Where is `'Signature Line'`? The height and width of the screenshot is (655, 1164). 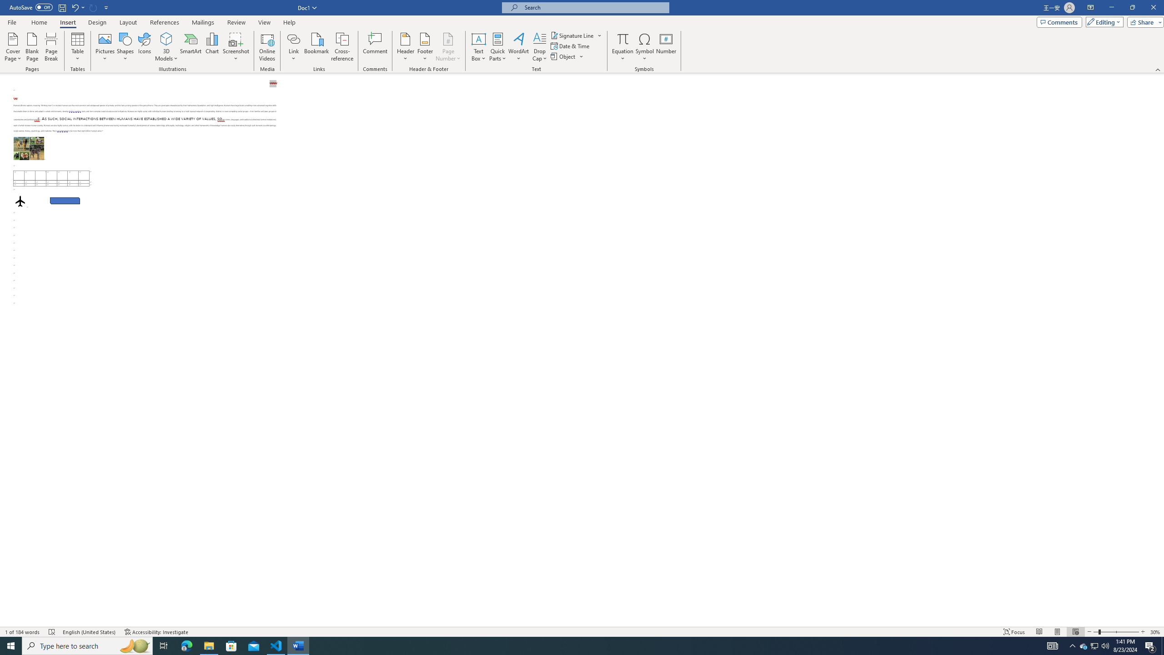 'Signature Line' is located at coordinates (572, 35).